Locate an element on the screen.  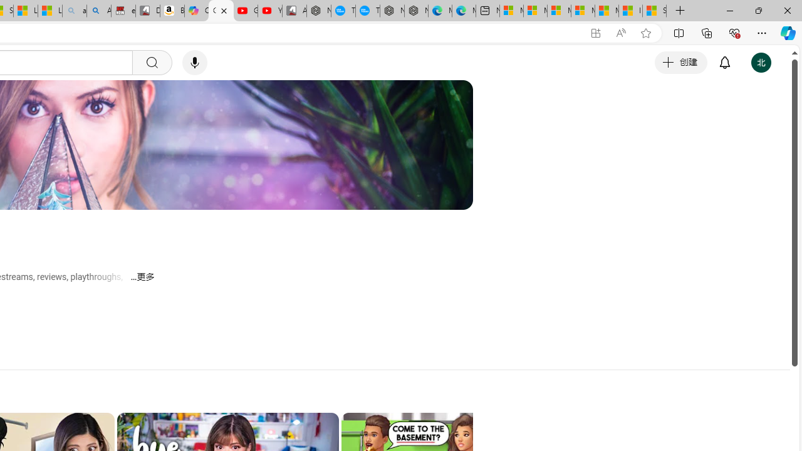
'I Gained 20 Pounds of Muscle in 30 Days! | Watch' is located at coordinates (630, 11).